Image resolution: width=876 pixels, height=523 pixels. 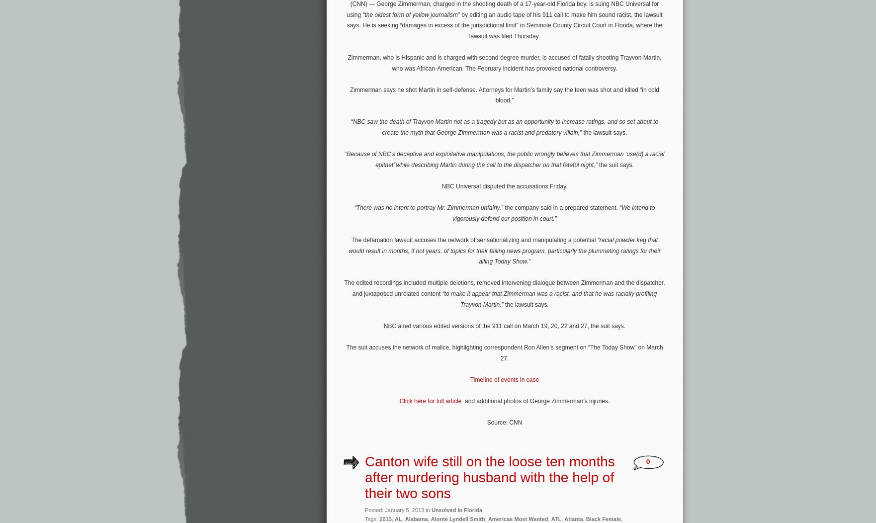 What do you see at coordinates (504, 250) in the screenshot?
I see `'“racial powder keg that would result in months, if not years, of topics for their failing news program, particularly the plummeting ratings for their ailing Today Show.”'` at bounding box center [504, 250].